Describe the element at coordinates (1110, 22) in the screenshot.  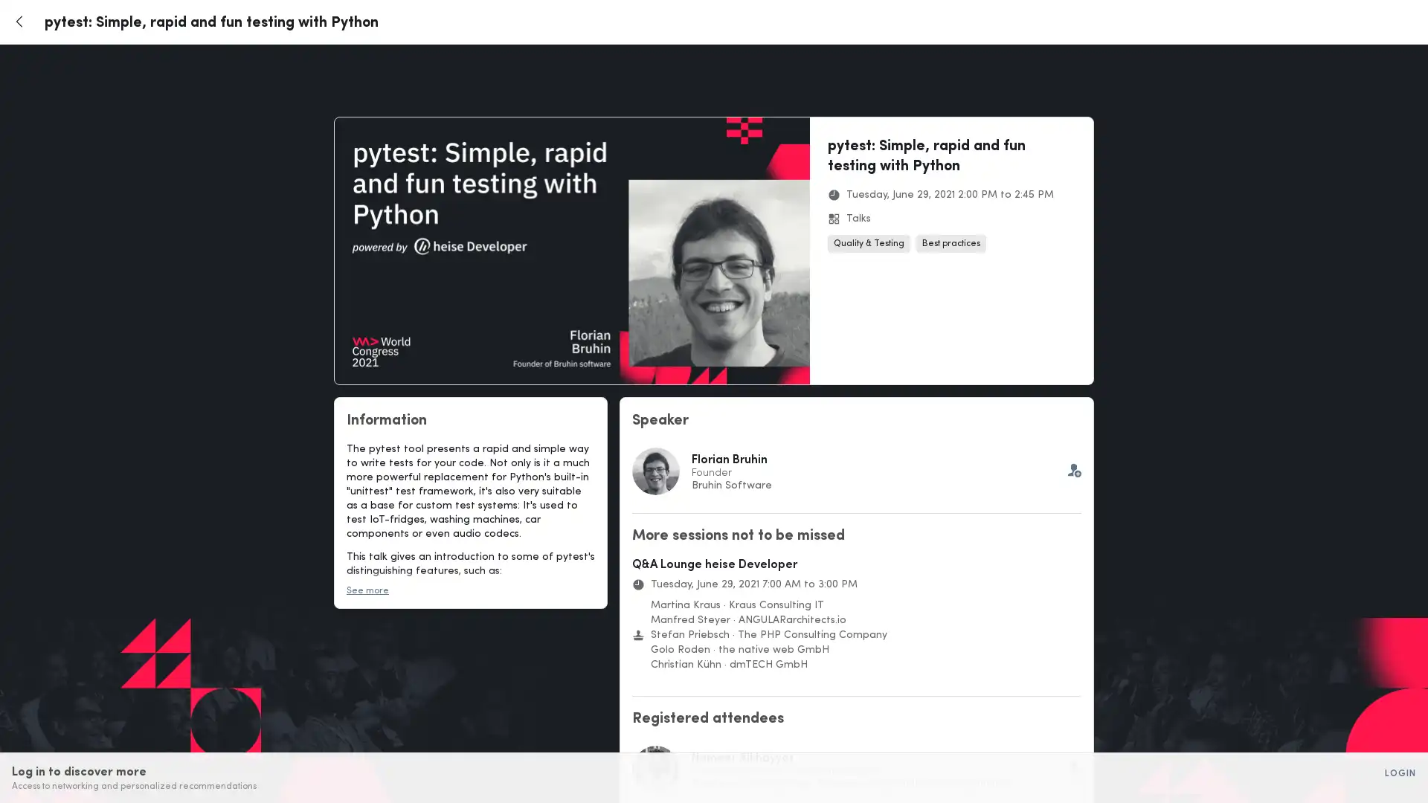
I see `Login` at that location.